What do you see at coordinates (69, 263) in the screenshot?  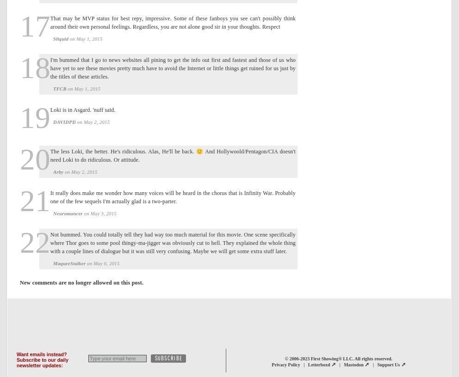 I see `'MaqueeStalker'` at bounding box center [69, 263].